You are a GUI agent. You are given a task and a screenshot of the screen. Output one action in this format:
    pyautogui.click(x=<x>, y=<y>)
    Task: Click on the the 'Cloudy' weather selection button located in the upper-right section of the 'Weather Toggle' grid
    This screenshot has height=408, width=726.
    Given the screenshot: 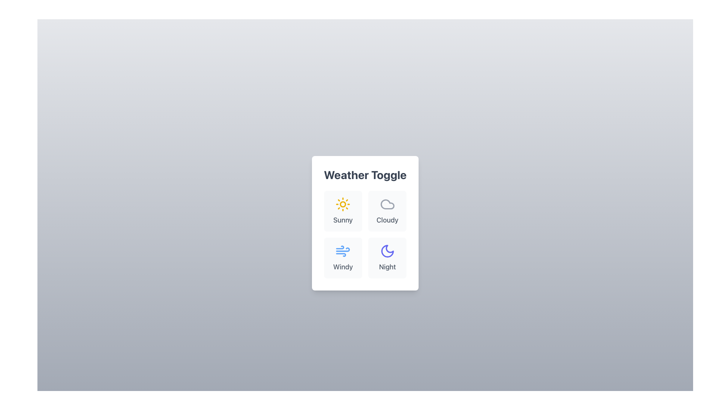 What is the action you would take?
    pyautogui.click(x=387, y=211)
    